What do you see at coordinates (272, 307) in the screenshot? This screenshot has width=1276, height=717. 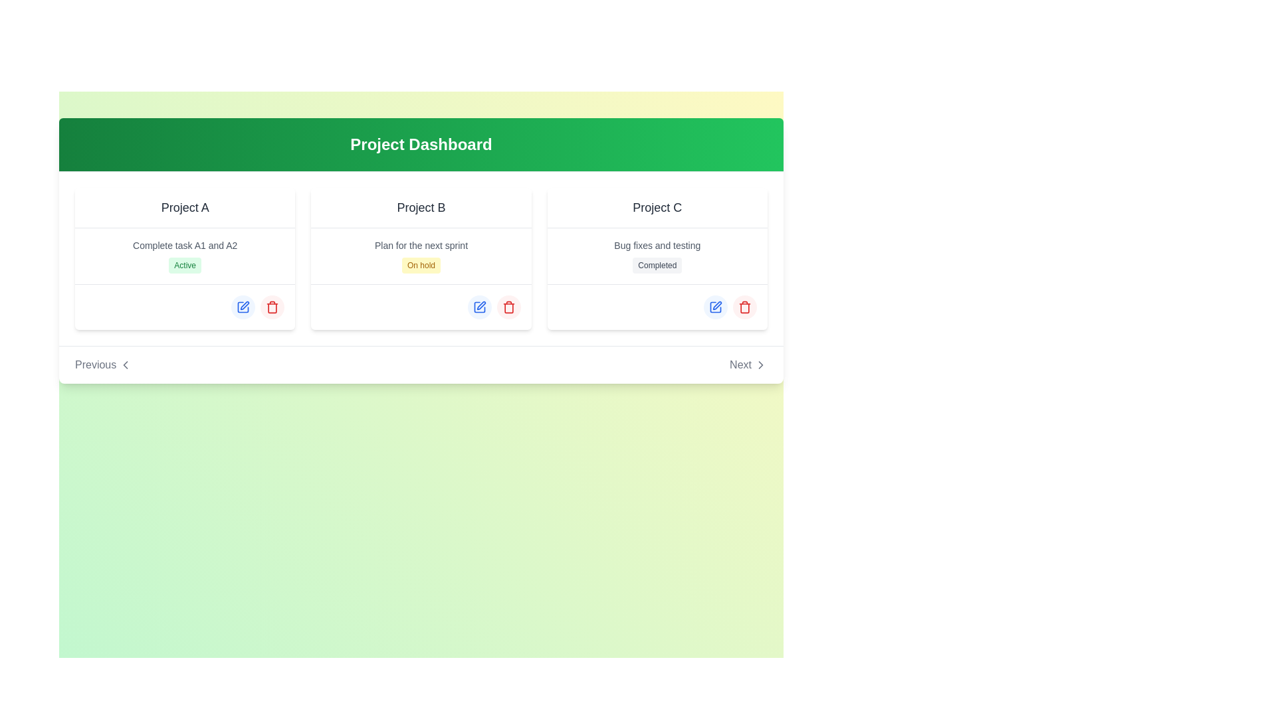 I see `the circular red button with a trash bin icon located at the bottom right corner of the 'Project A' card in the 'Project Dashboard' section to observe the hover effect` at bounding box center [272, 307].